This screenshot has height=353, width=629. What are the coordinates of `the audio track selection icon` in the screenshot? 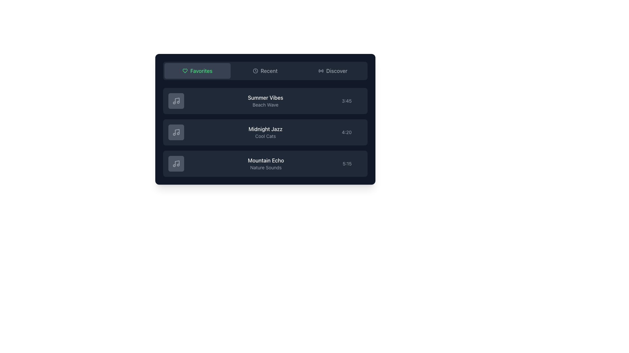 It's located at (176, 101).